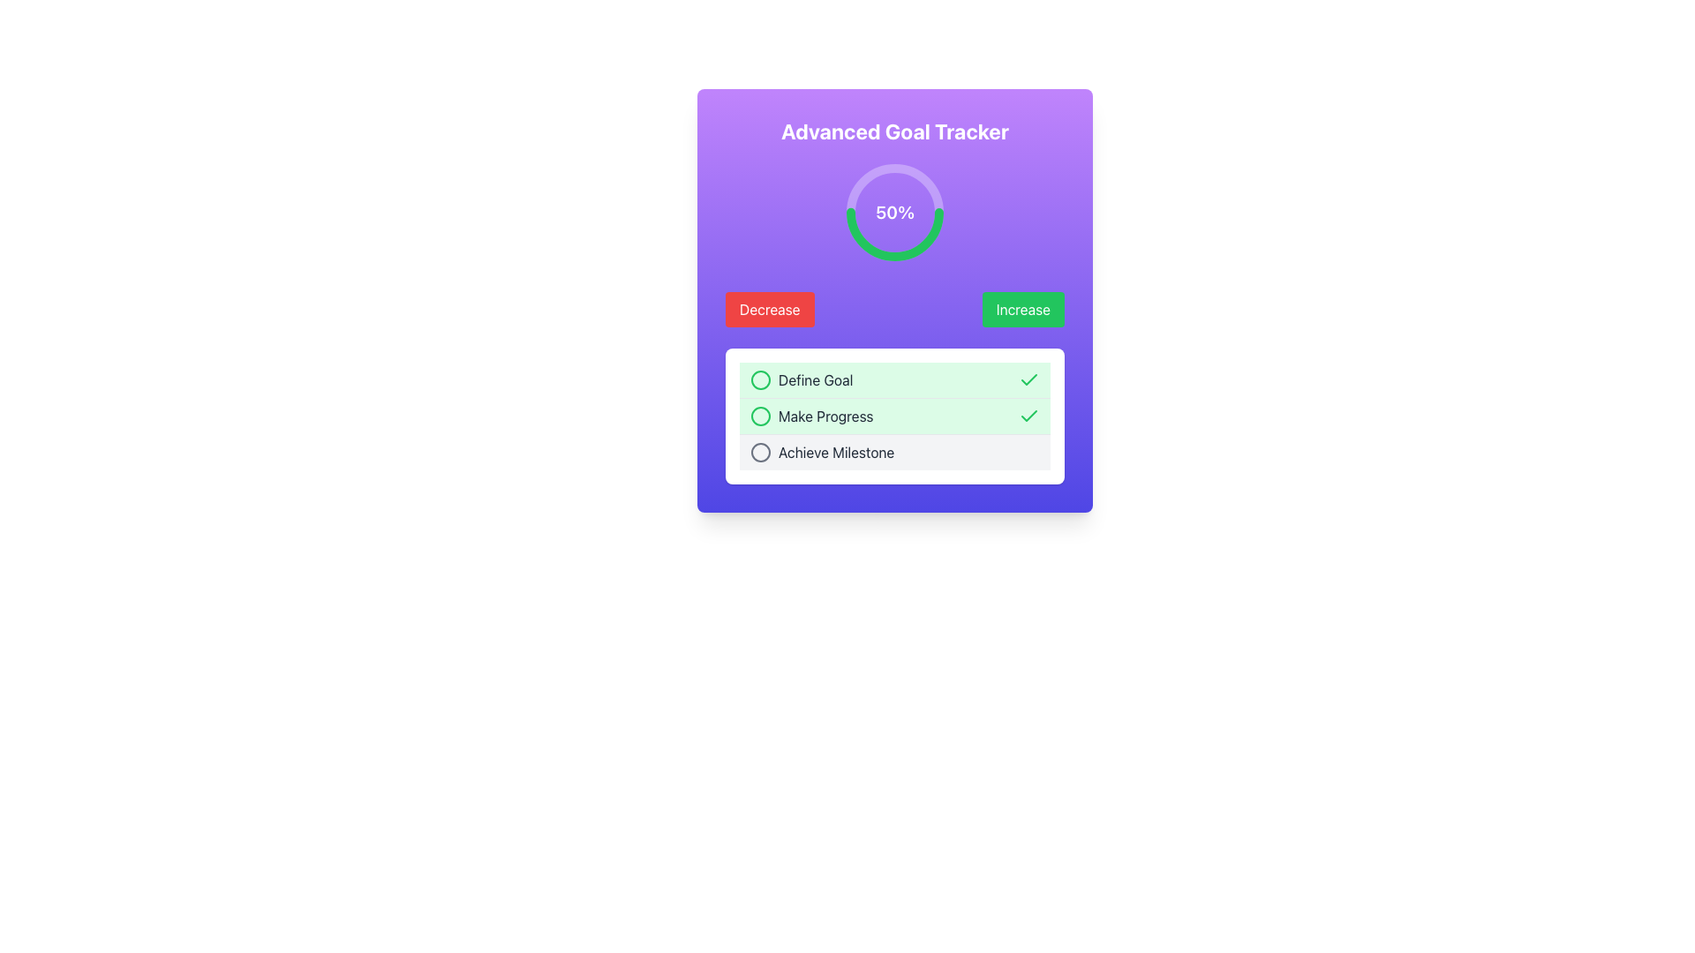 This screenshot has height=953, width=1695. What do you see at coordinates (761, 452) in the screenshot?
I see `the circular SVG icon located next to the text 'Achieve Milestone' in the third row of the checklist items within the Advanced Goal Tracker interface` at bounding box center [761, 452].